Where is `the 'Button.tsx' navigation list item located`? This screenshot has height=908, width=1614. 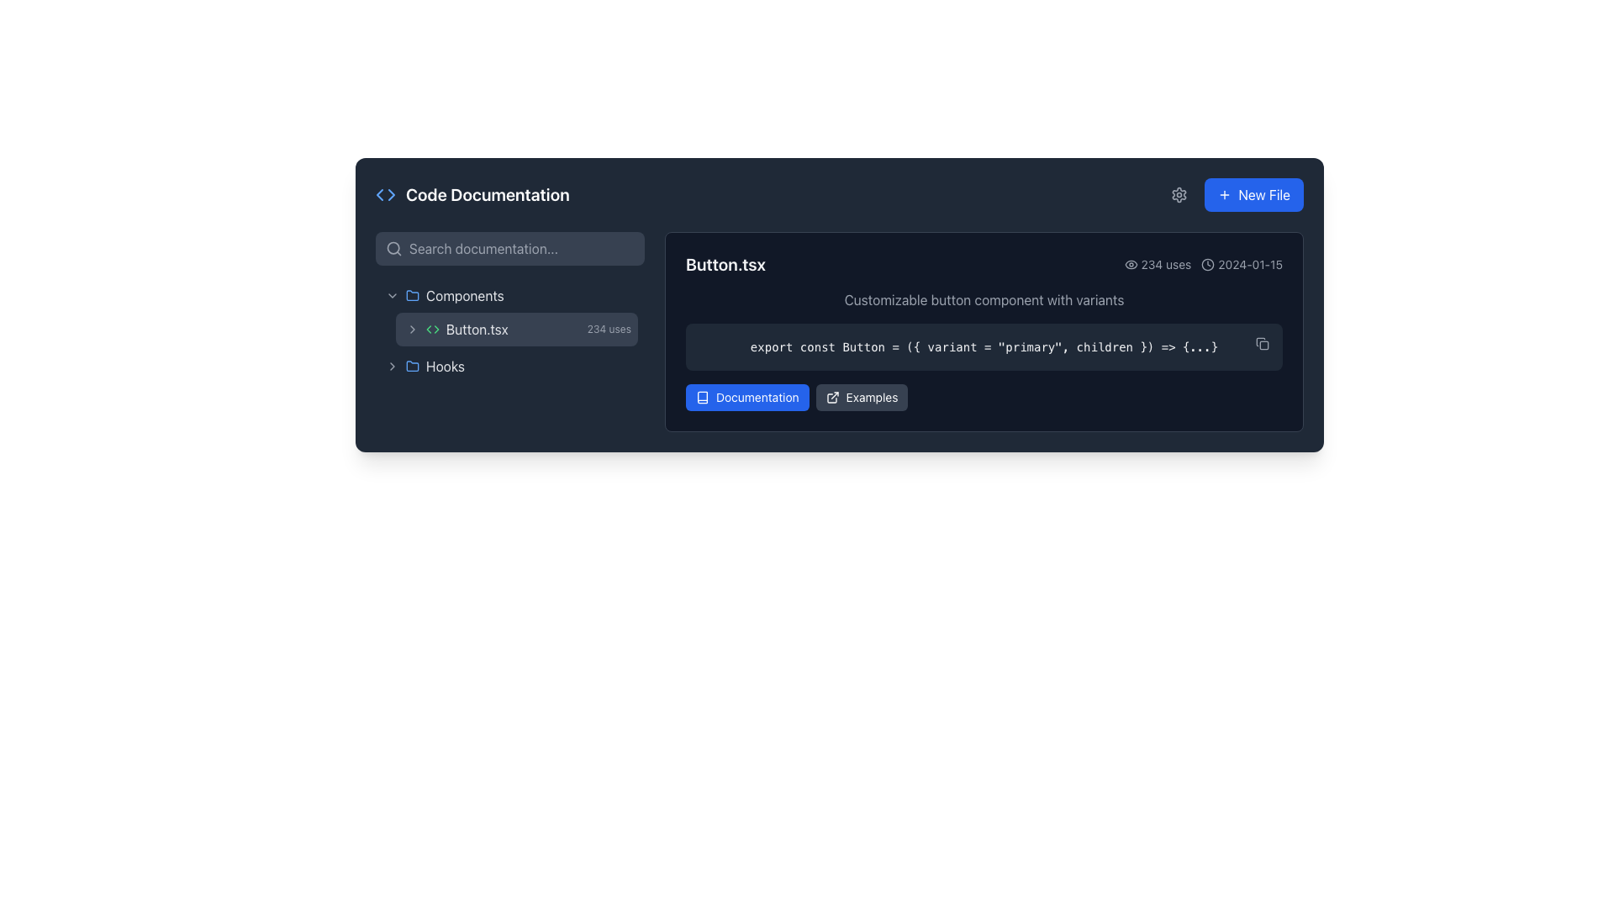
the 'Button.tsx' navigation list item located is located at coordinates (509, 331).